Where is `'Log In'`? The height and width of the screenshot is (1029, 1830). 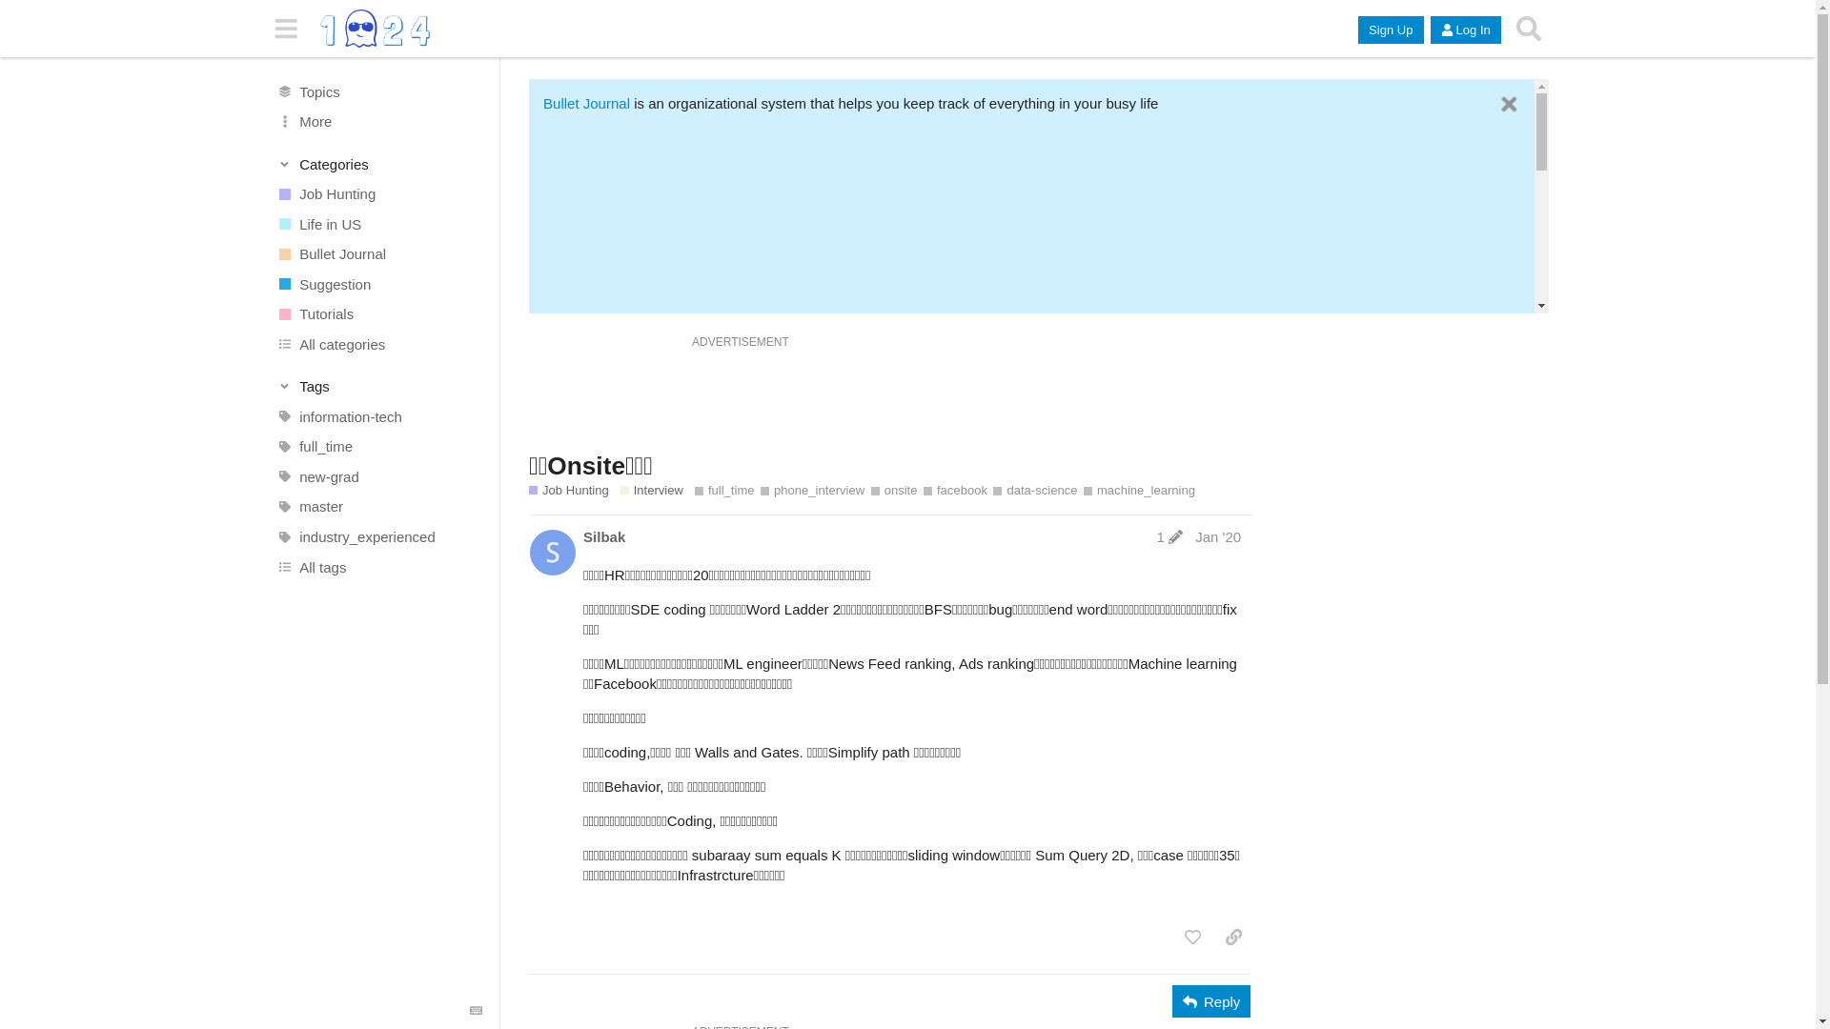
'Log In' is located at coordinates (1464, 30).